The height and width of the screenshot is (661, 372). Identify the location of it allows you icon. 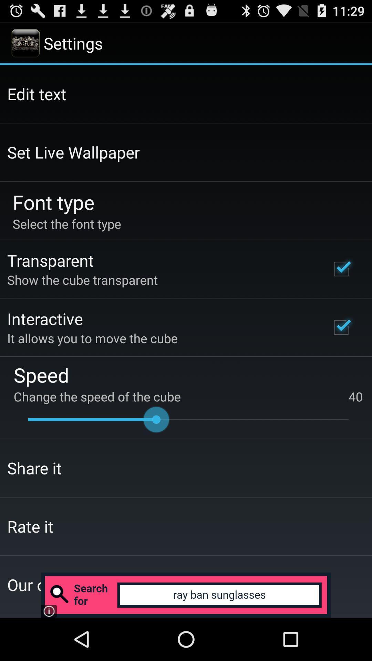
(92, 338).